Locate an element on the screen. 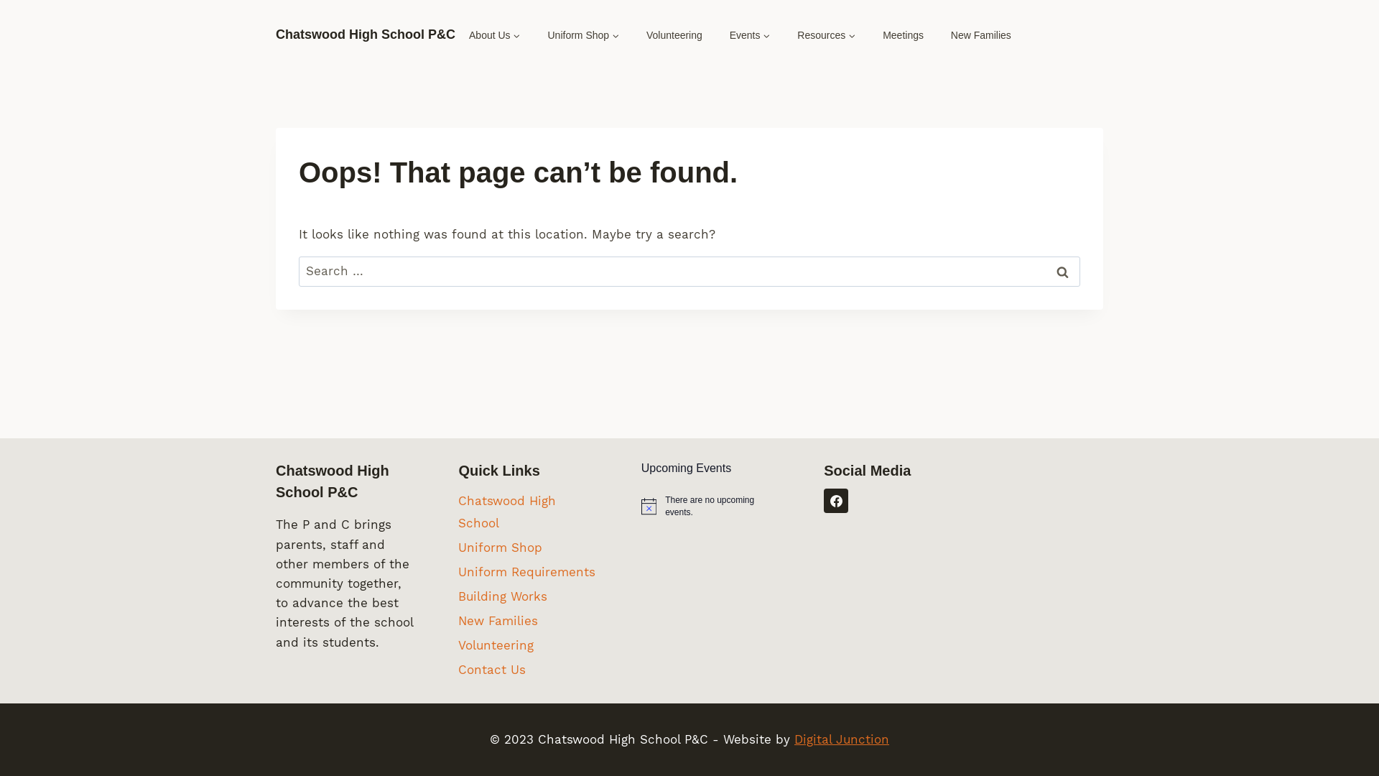  'Digital Junction' is located at coordinates (793, 739).